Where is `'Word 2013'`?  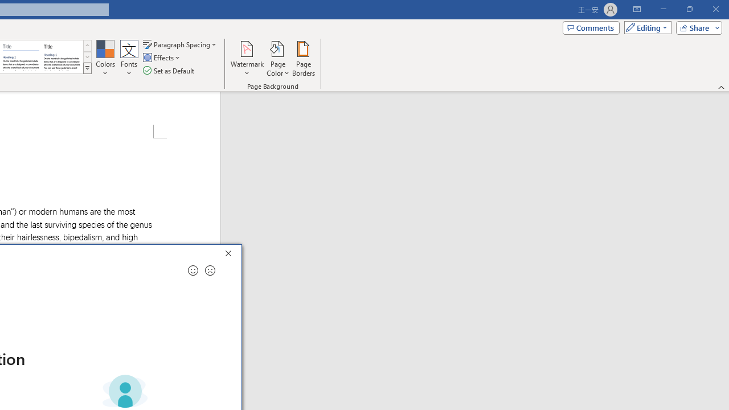
'Word 2013' is located at coordinates (61, 57).